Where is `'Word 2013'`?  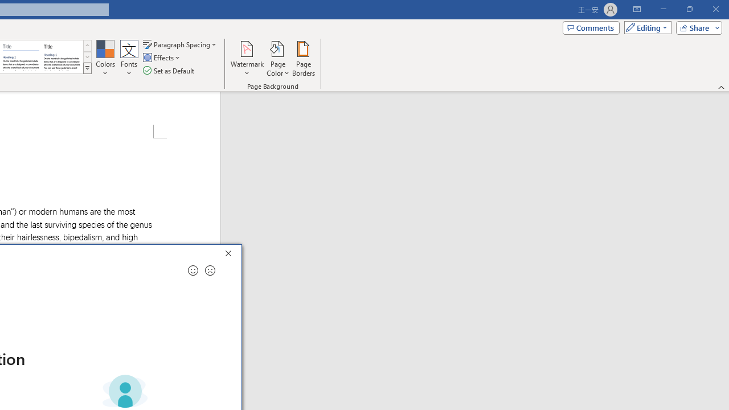
'Word 2013' is located at coordinates (61, 57).